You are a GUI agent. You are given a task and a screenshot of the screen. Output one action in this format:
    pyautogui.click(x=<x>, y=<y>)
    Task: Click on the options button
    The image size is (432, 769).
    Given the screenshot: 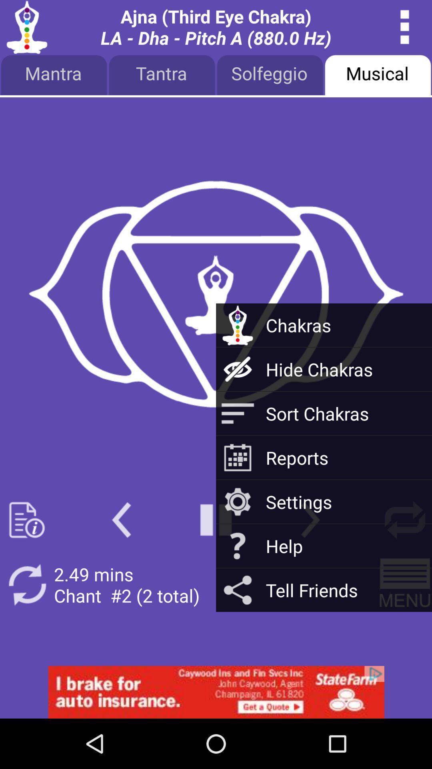 What is the action you would take?
    pyautogui.click(x=405, y=27)
    